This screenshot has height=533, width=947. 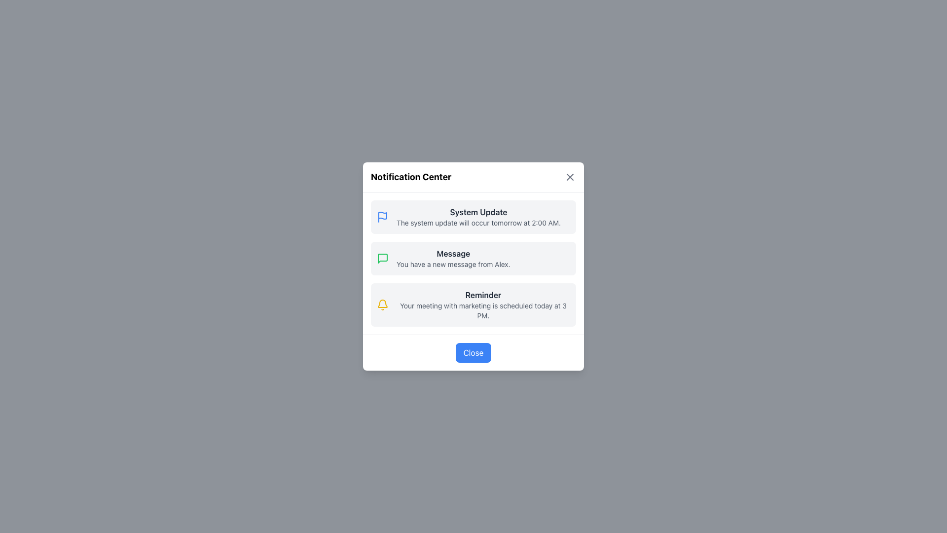 I want to click on text label that serves as a heading for the third notification item in the notification list, so click(x=483, y=294).